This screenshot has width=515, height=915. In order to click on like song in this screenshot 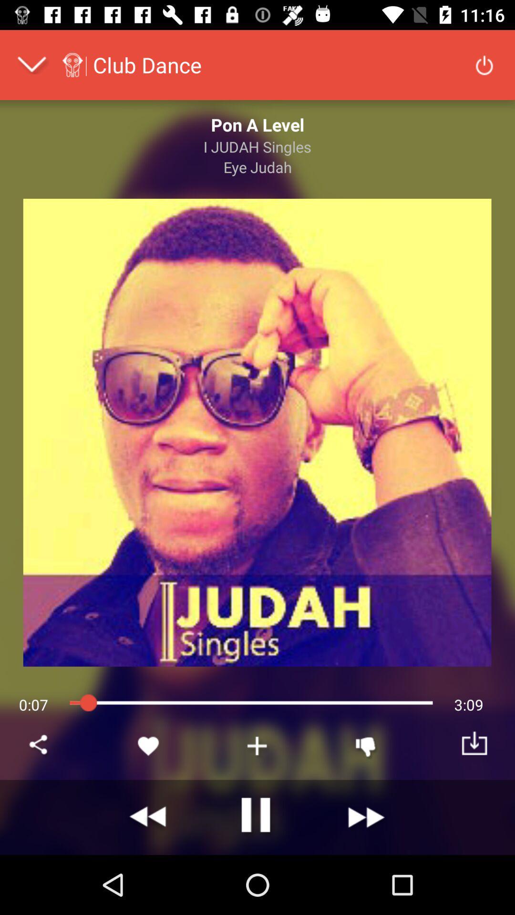, I will do `click(149, 745)`.